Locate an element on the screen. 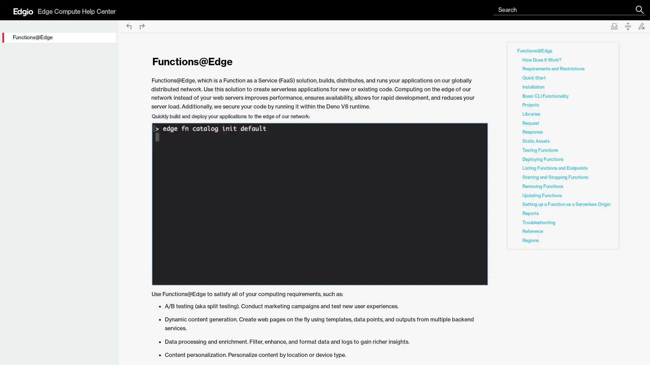  print is located at coordinates (614, 26).